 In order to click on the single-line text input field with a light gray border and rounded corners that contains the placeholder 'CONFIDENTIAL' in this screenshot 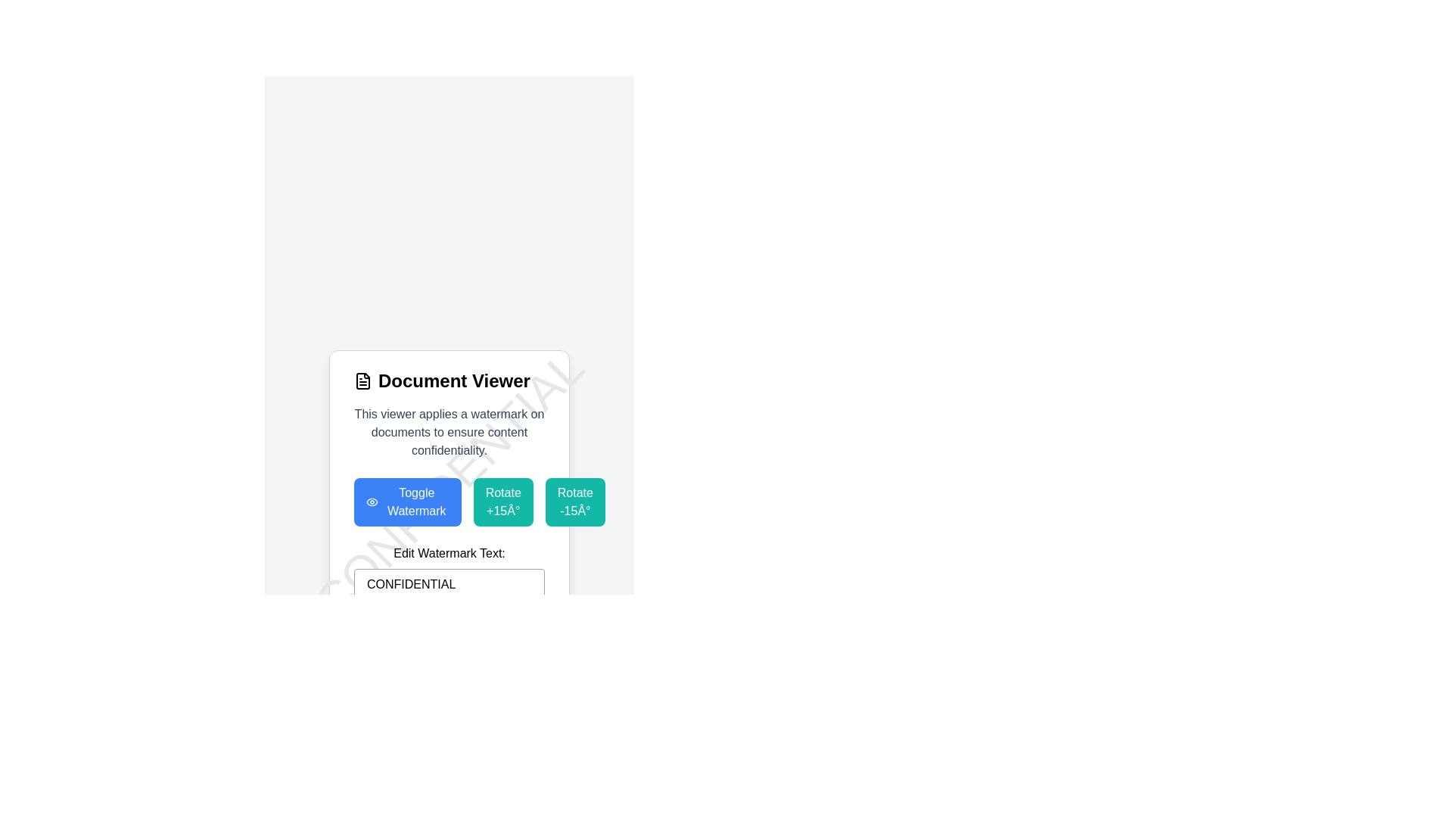, I will do `click(449, 583)`.